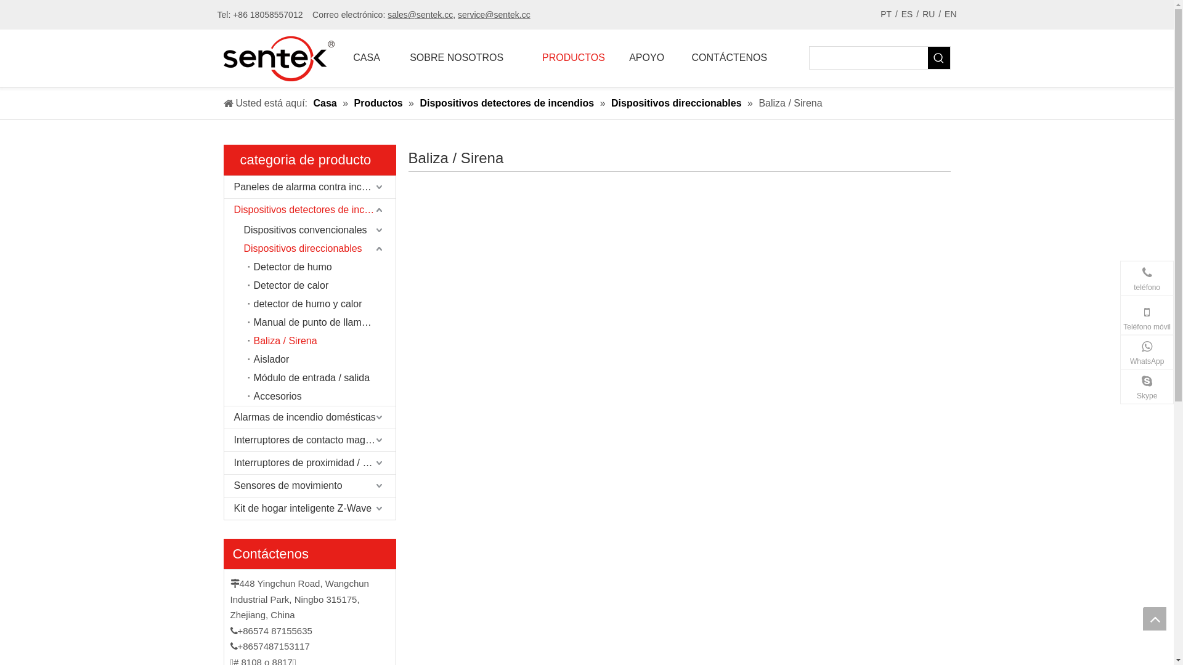 This screenshot has width=1183, height=665. Describe the element at coordinates (573, 57) in the screenshot. I see `'PRODUCTOS'` at that location.